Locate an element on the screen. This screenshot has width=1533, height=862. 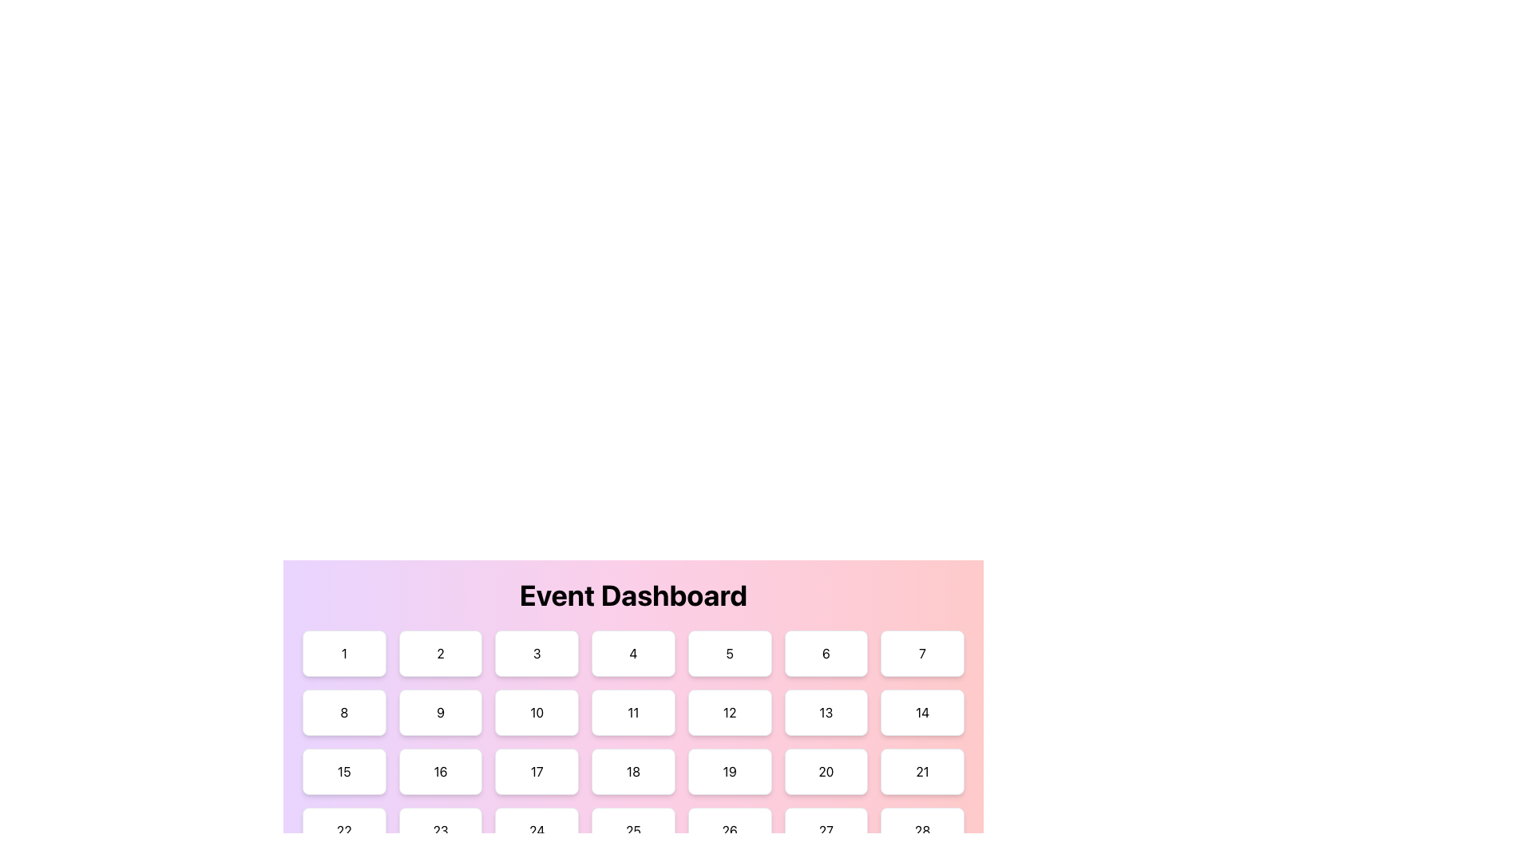
the button representing a selectable item is located at coordinates (825, 830).